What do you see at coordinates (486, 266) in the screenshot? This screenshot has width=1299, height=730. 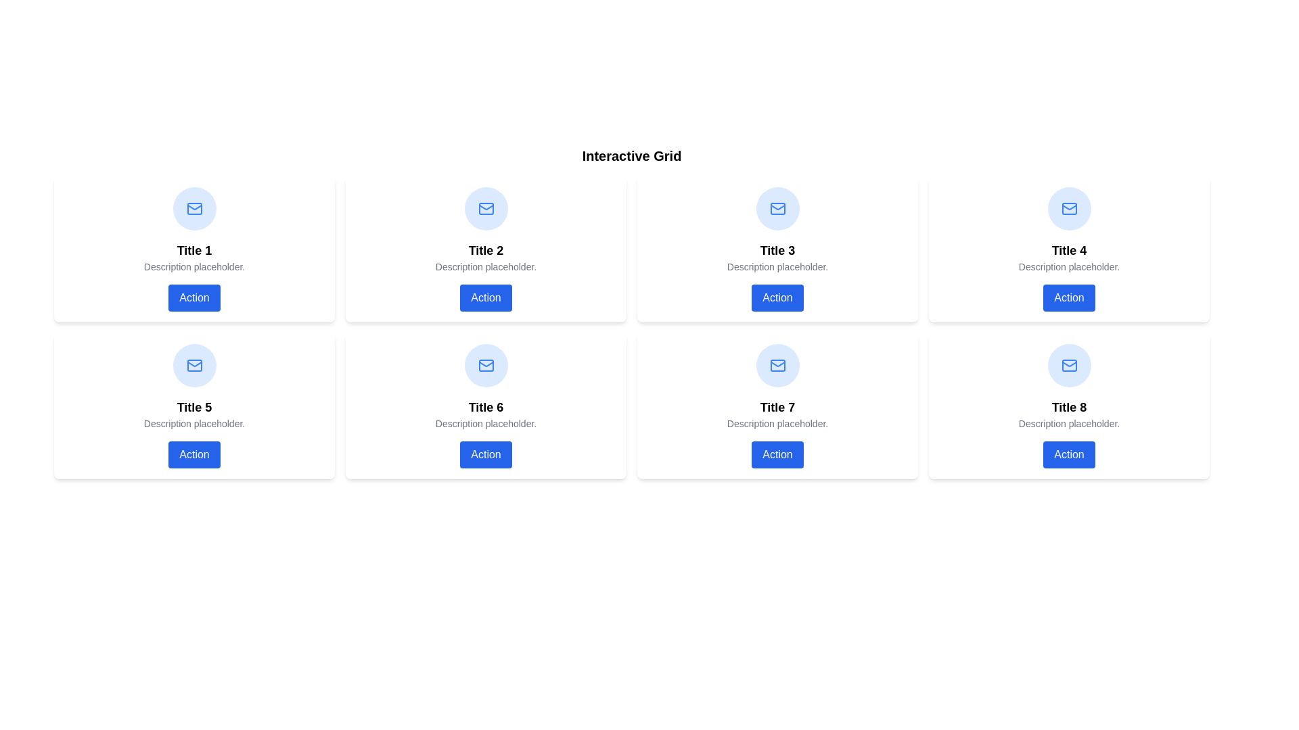 I see `the text element containing 'Description placeholder.' which is the second content row in the grid layout, positioned below 'Title 2' and above the 'Action' button` at bounding box center [486, 266].